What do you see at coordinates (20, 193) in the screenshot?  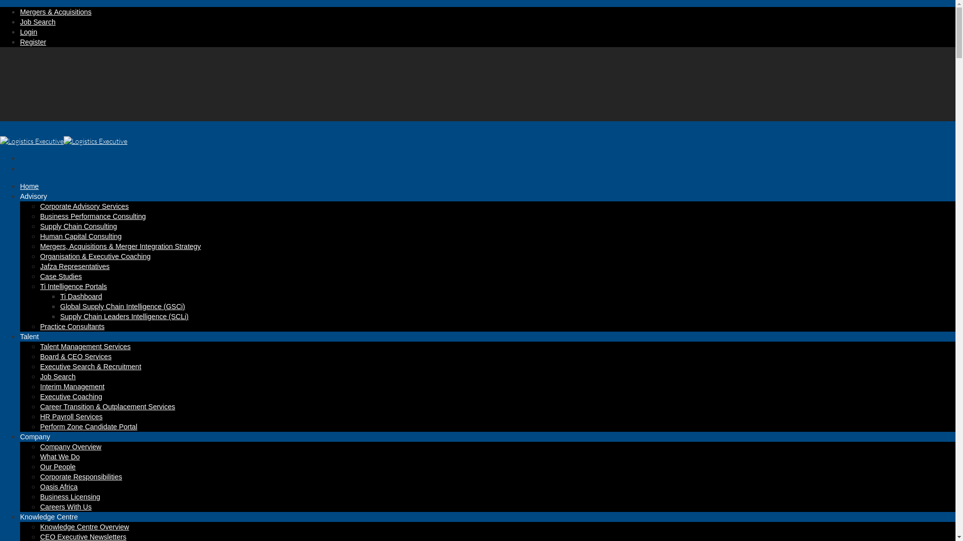 I see `'Home'` at bounding box center [20, 193].